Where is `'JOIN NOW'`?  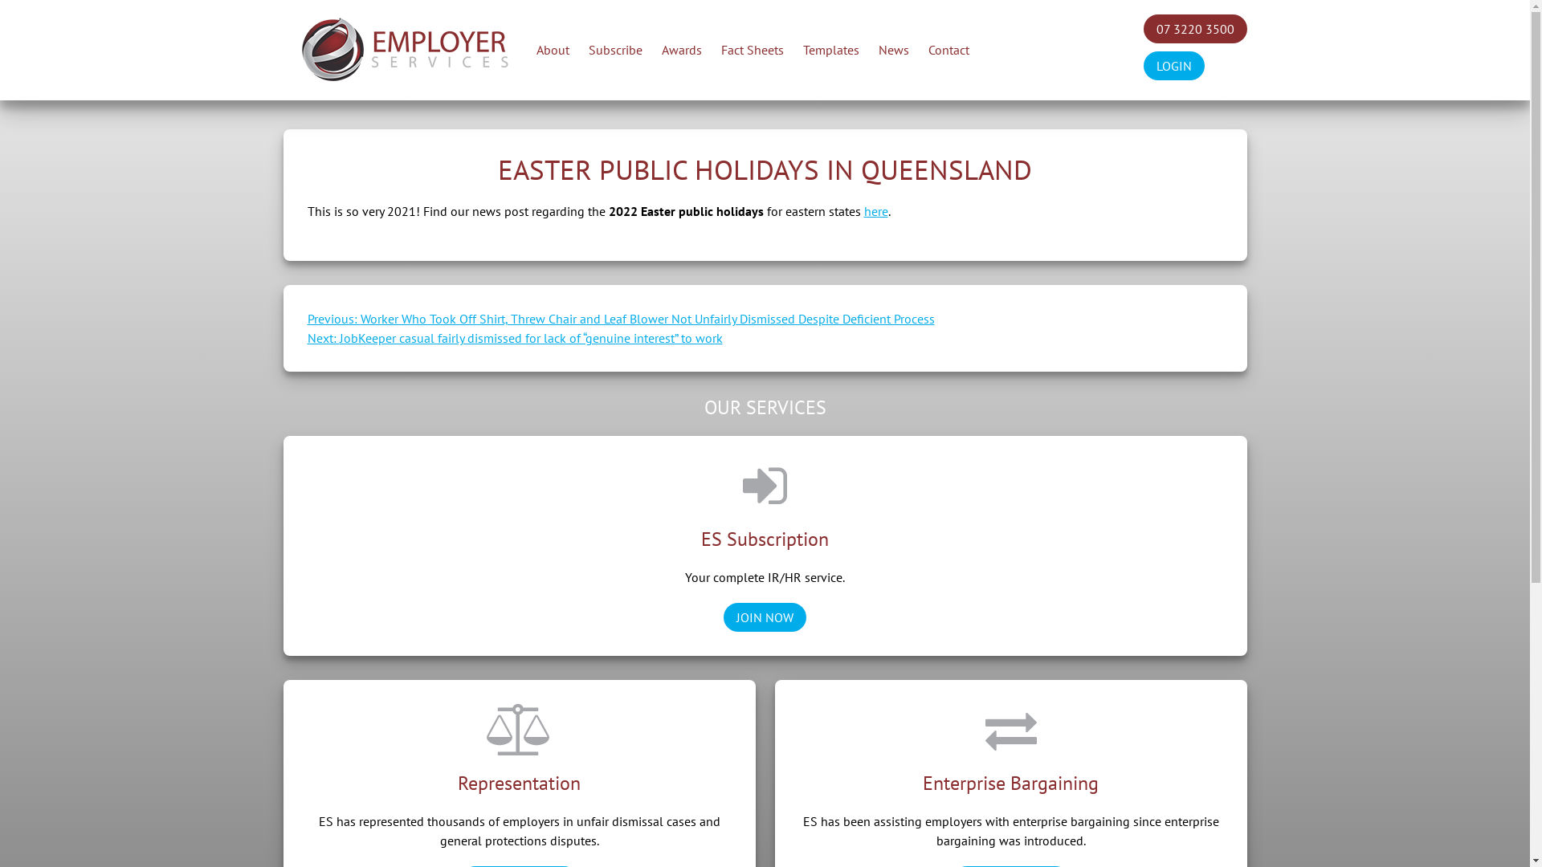
'JOIN NOW' is located at coordinates (764, 616).